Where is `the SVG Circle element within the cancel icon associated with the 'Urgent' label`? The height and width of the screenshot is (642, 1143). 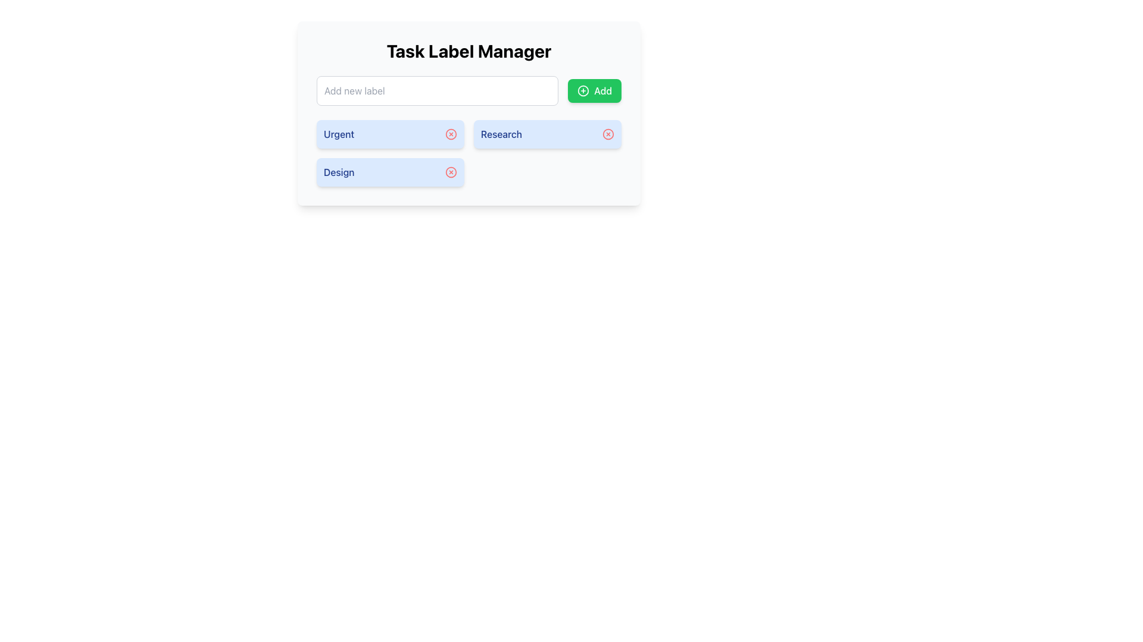 the SVG Circle element within the cancel icon associated with the 'Urgent' label is located at coordinates (451, 134).